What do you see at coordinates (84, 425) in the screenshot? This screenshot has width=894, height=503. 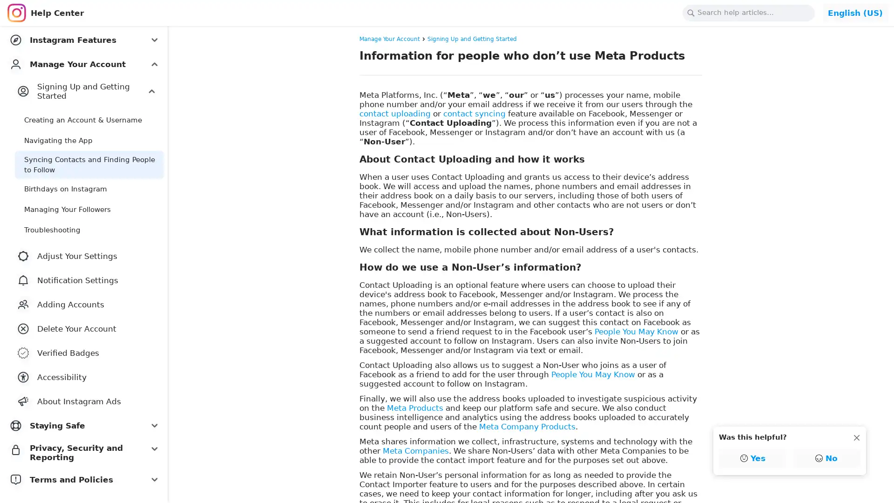 I see `Staying Safe` at bounding box center [84, 425].